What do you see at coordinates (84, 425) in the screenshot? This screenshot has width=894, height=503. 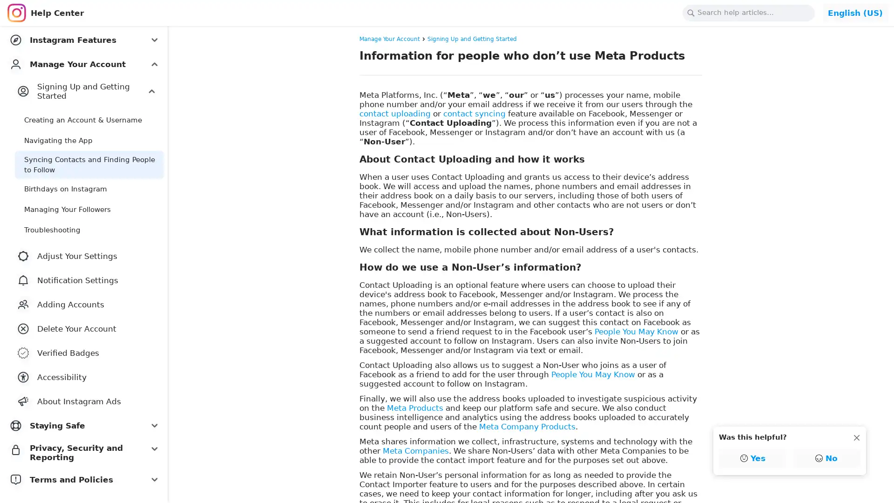 I see `Staying Safe` at bounding box center [84, 425].